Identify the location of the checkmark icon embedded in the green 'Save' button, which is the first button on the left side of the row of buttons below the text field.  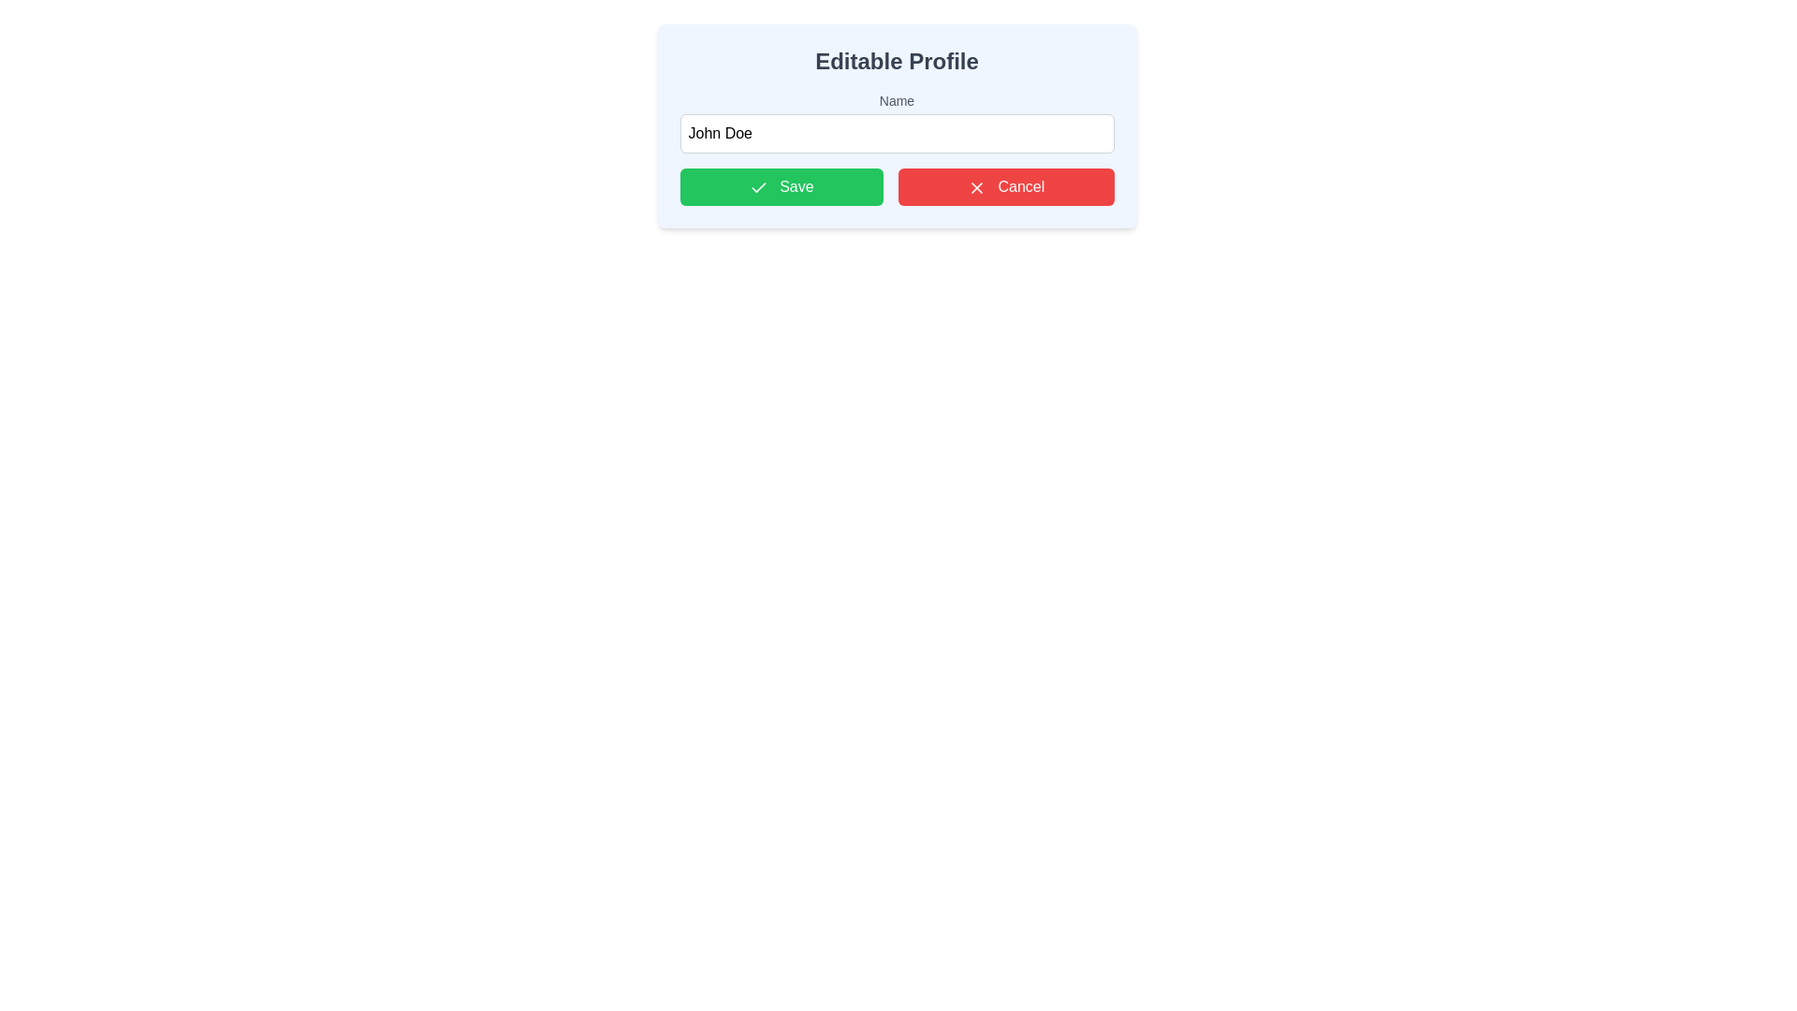
(758, 187).